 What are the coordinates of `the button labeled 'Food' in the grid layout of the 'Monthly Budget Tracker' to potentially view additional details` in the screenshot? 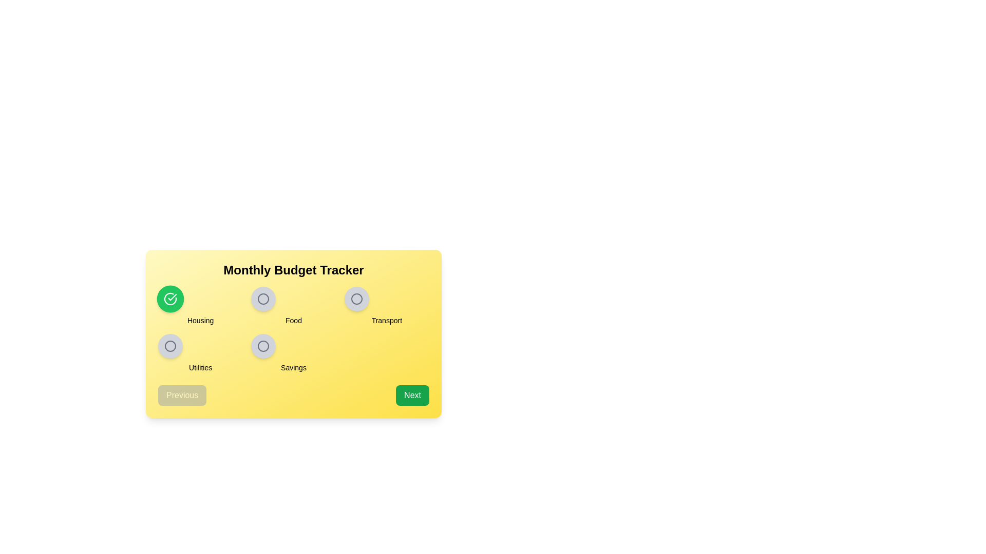 It's located at (293, 330).